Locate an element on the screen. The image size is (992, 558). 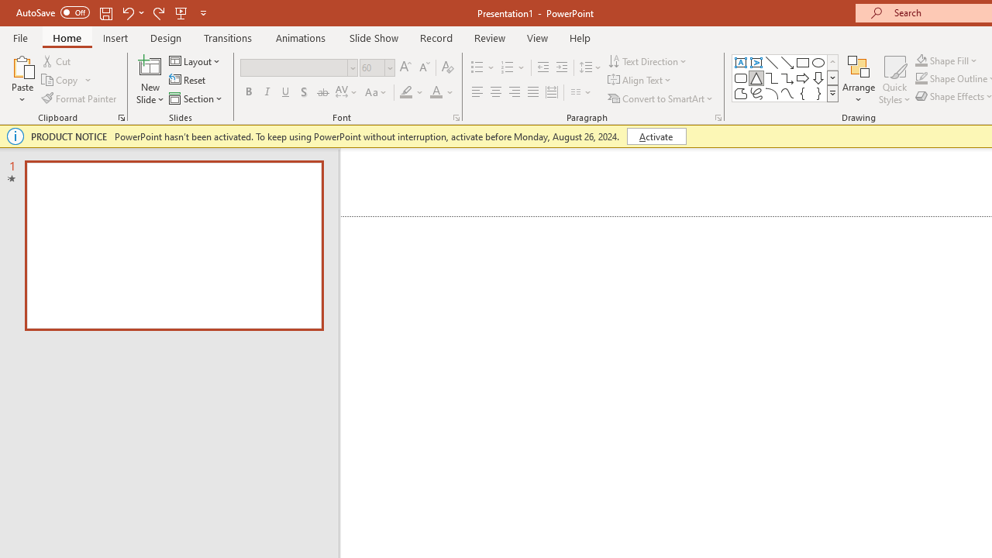
'New Slide' is located at coordinates (150, 80).